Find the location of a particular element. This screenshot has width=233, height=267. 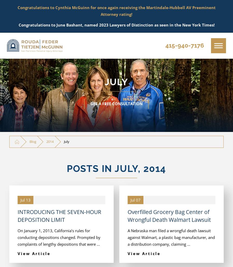

'November' is located at coordinates (44, 36).